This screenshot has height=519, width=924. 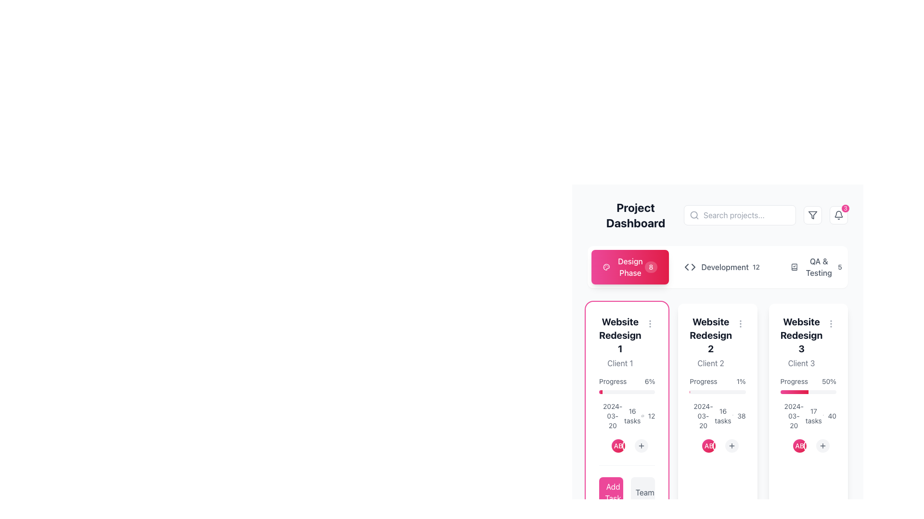 I want to click on the SVG magnifying glass icon that represents the search feature, located within the search input field near its center, so click(x=694, y=214).